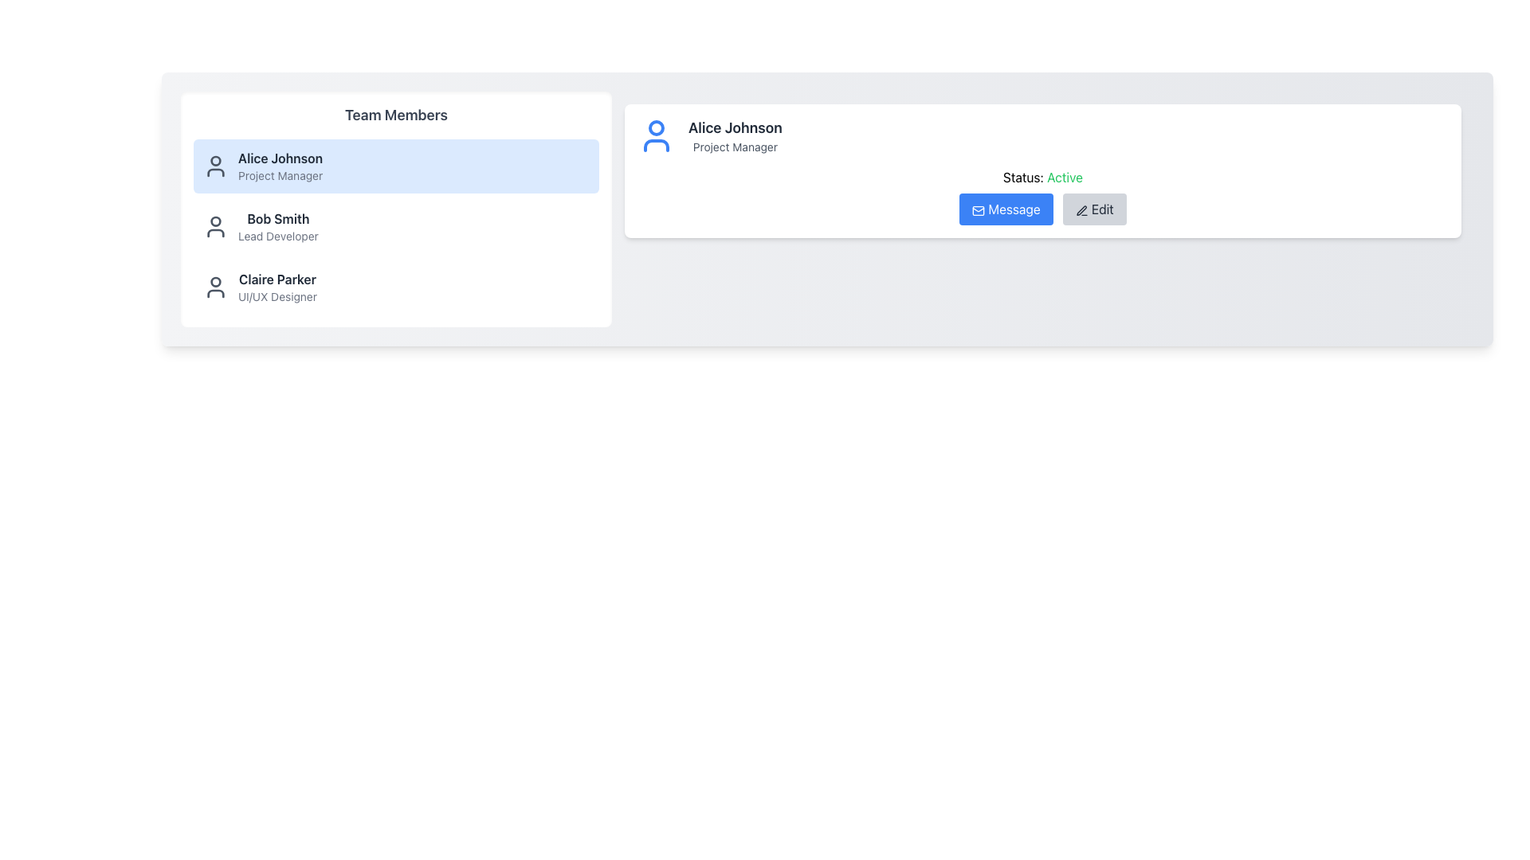  I want to click on the user icon with a blue human figure silhouette, located to the left of the text 'Alice Johnson' and 'Project Manager' in the right-hand panel of the interface, so click(657, 135).